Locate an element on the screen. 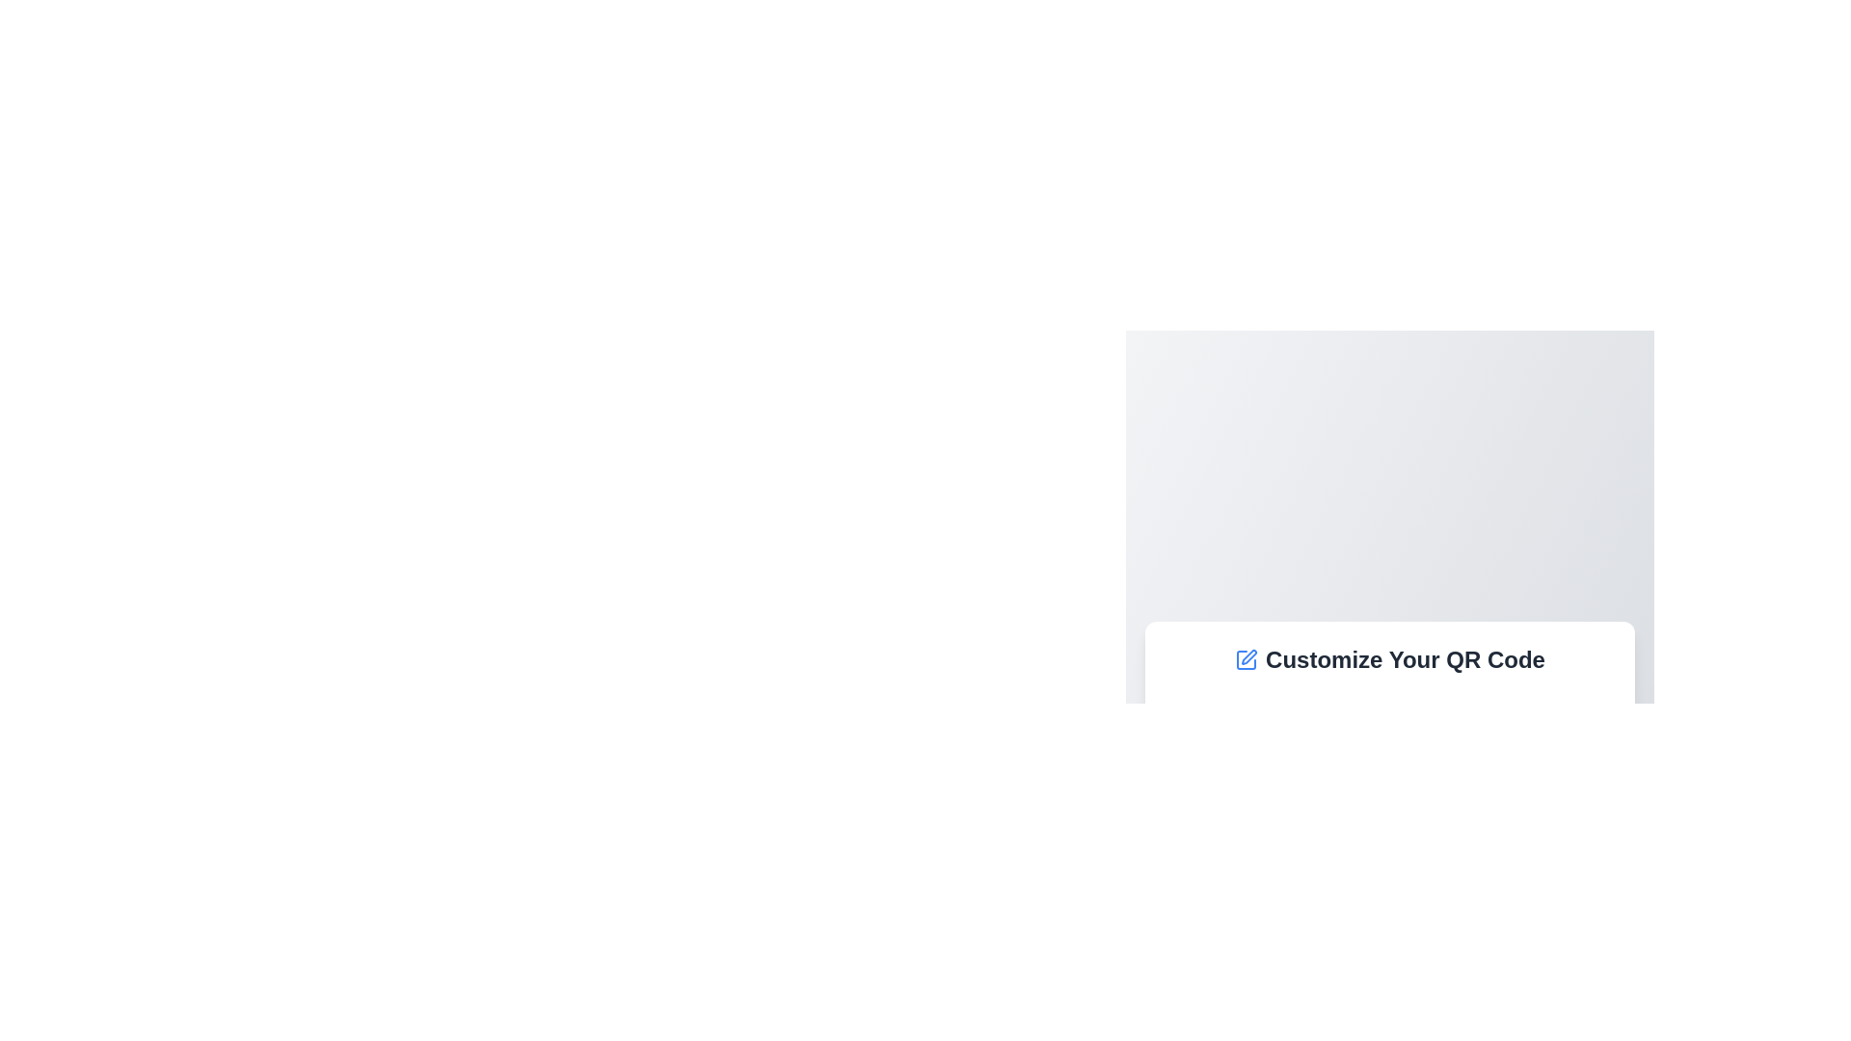 This screenshot has height=1041, width=1851. the editing tool icon button is located at coordinates (1249, 656).